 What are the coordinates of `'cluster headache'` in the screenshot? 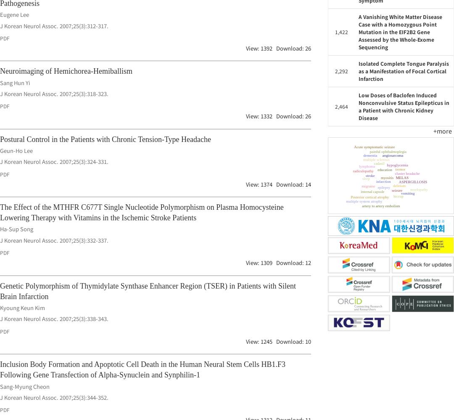 It's located at (401, 182).